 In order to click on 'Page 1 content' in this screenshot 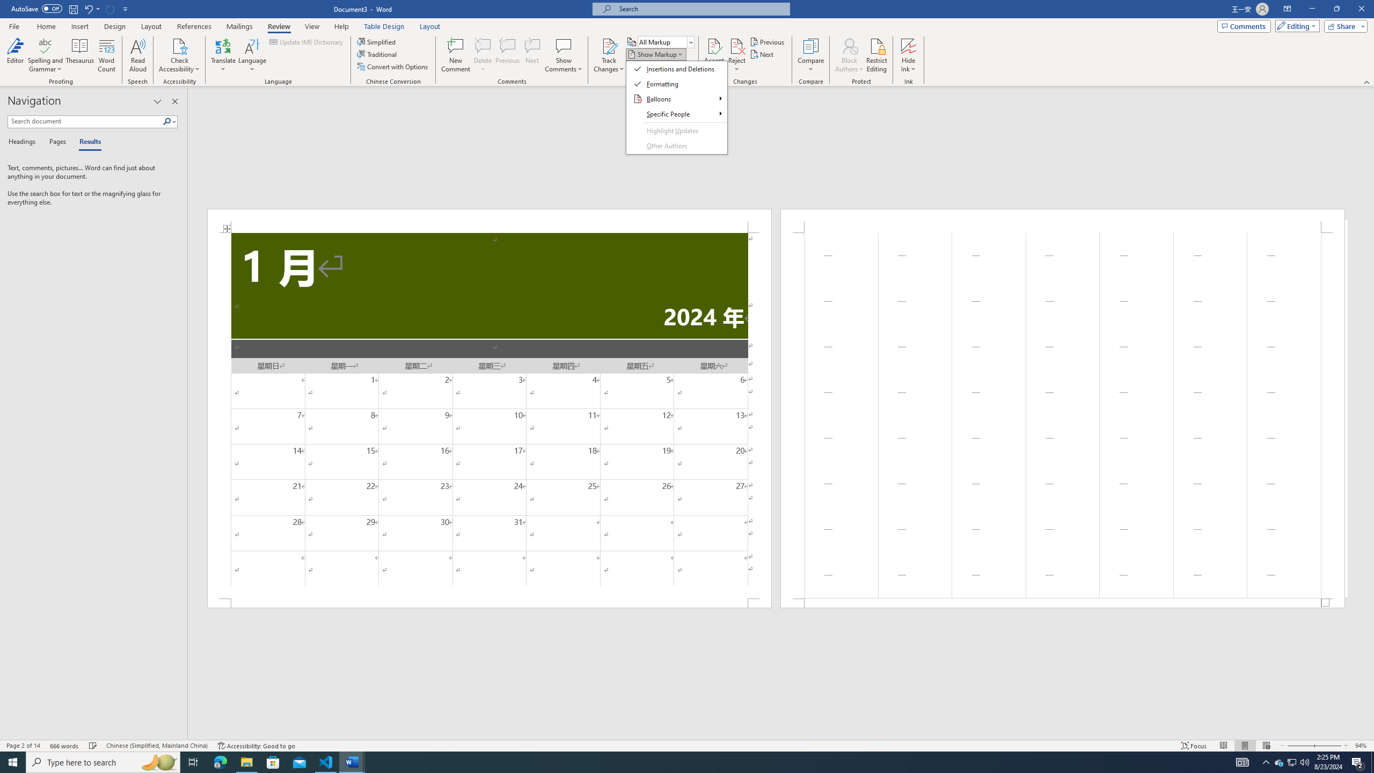, I will do `click(489, 415)`.